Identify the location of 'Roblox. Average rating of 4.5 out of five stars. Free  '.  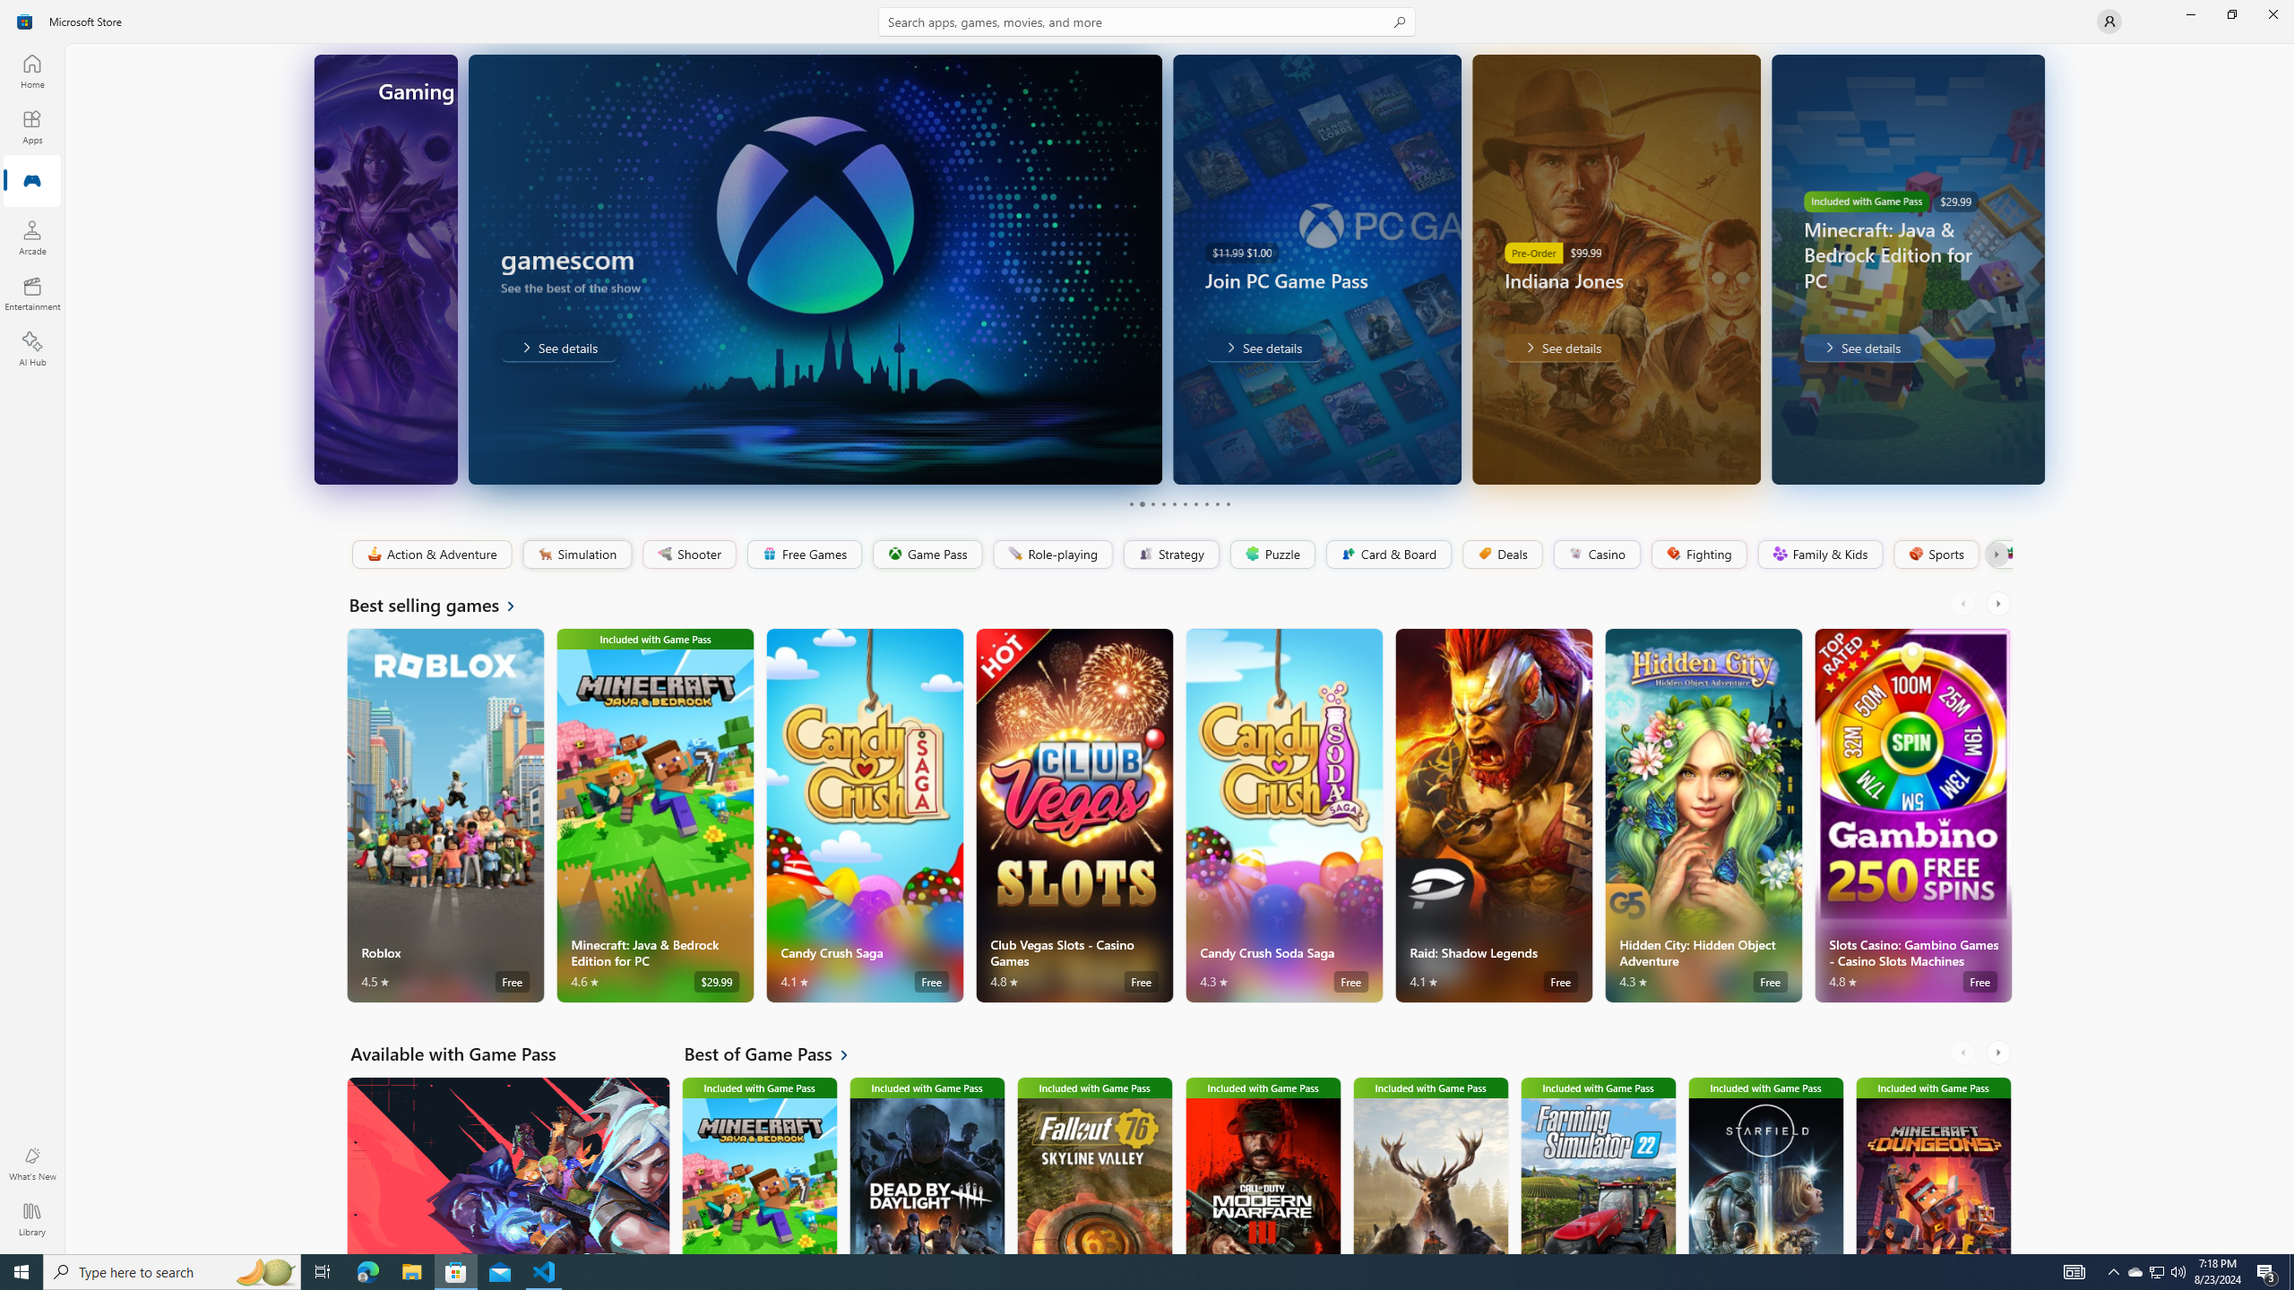
(445, 814).